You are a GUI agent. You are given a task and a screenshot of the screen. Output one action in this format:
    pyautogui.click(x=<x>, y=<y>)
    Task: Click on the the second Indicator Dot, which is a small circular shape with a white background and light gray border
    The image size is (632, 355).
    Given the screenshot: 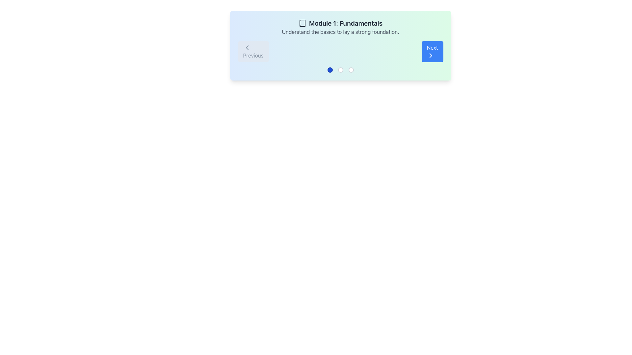 What is the action you would take?
    pyautogui.click(x=340, y=70)
    